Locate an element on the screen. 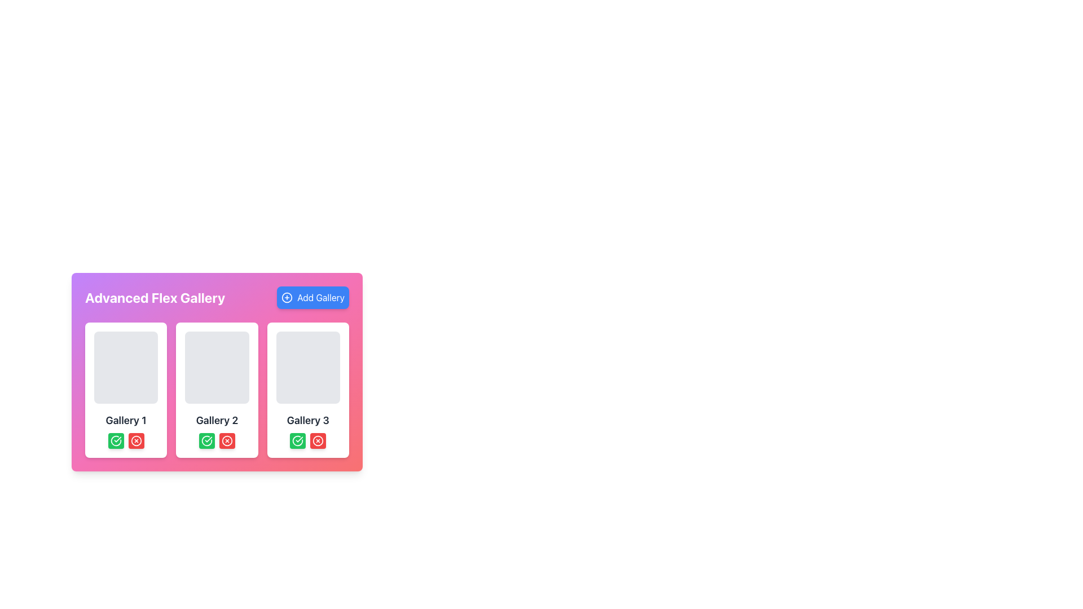  the delete button located at the bottom-right corner of the 'Gallery 3' card is located at coordinates (318, 440).